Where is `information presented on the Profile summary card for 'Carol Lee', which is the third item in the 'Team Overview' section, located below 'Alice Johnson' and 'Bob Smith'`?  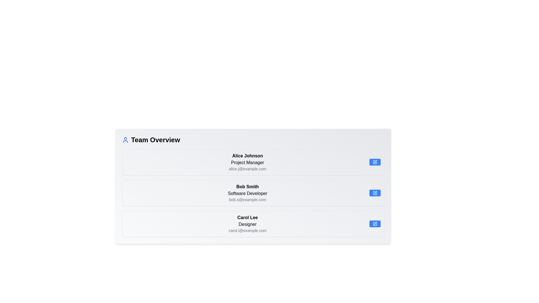
information presented on the Profile summary card for 'Carol Lee', which is the third item in the 'Team Overview' section, located below 'Alice Johnson' and 'Bob Smith' is located at coordinates (247, 224).